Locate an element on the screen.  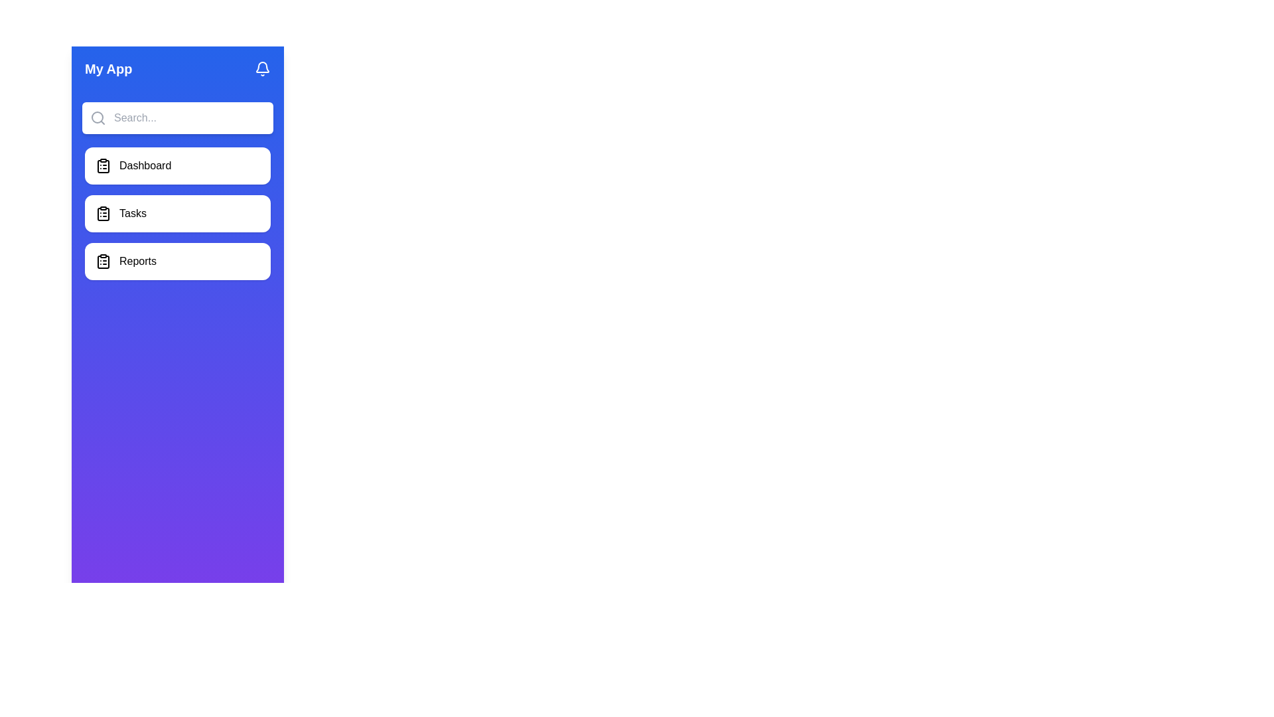
the Reports in the sidebar list is located at coordinates (177, 261).